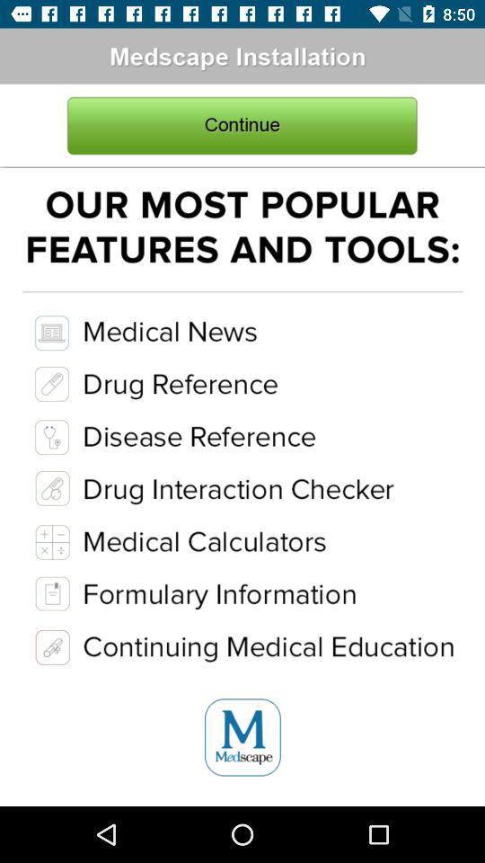  Describe the element at coordinates (242, 125) in the screenshot. I see `continue button` at that location.